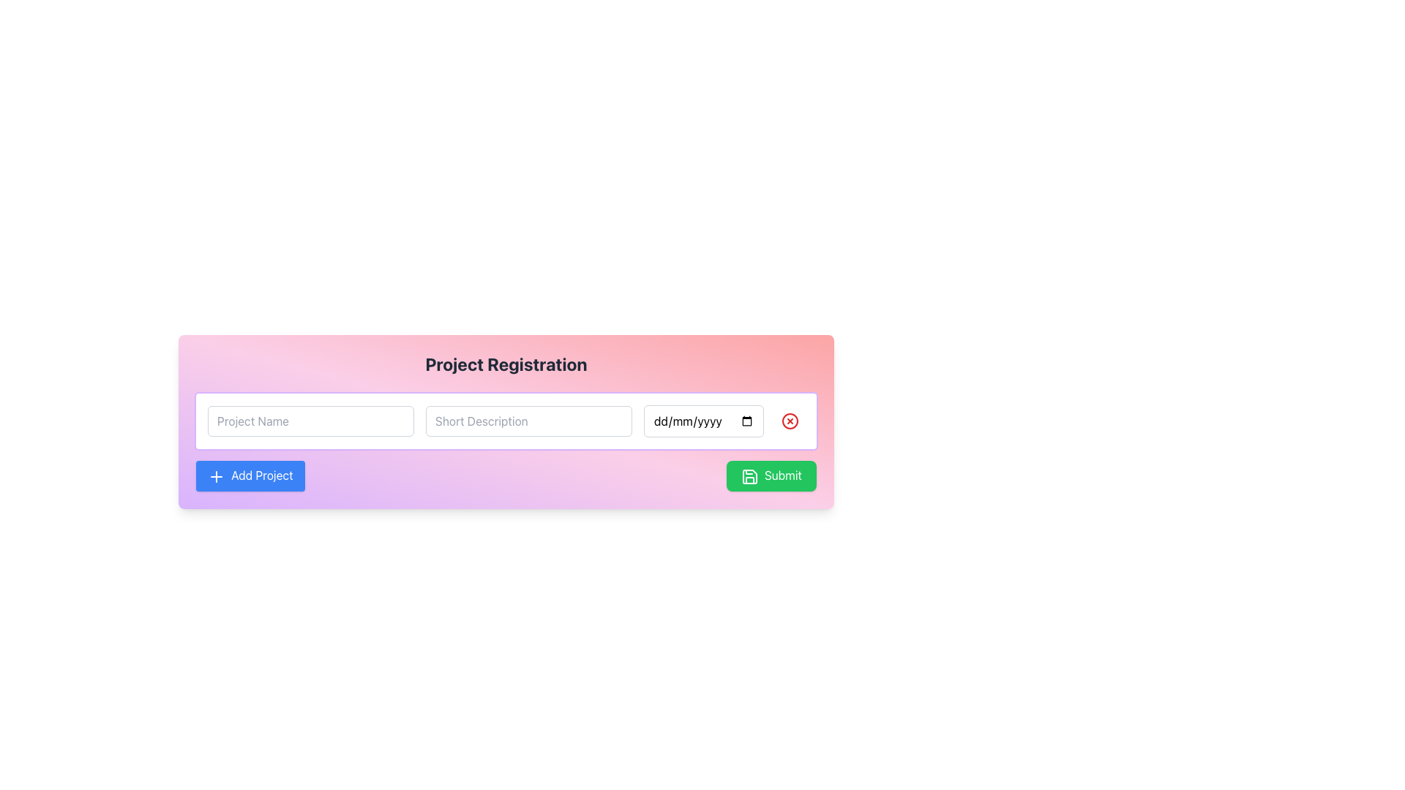 This screenshot has width=1405, height=790. What do you see at coordinates (790, 421) in the screenshot?
I see `the circular button with a red border and a red 'X' symbol, located to the right of the date input field` at bounding box center [790, 421].